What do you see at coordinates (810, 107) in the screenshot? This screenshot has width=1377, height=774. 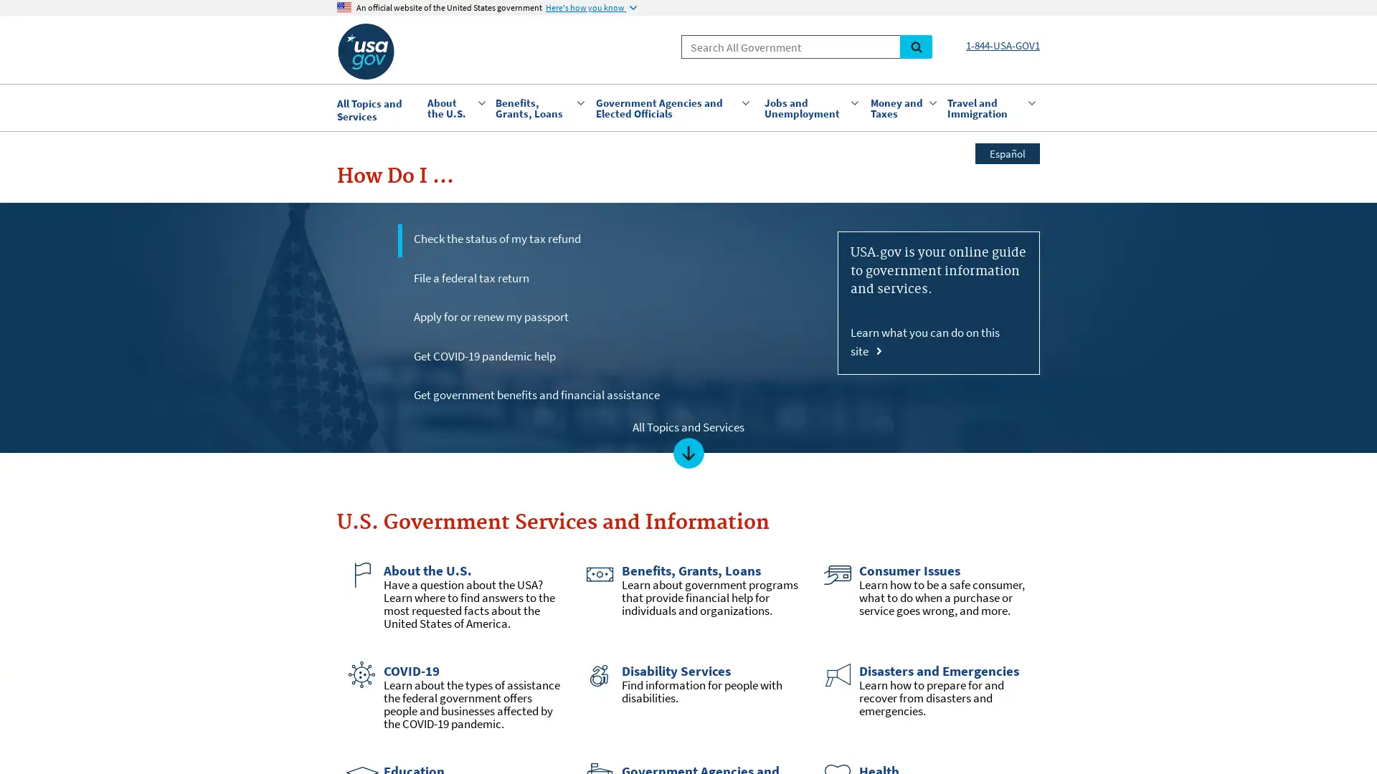 I see `Jobs and Unemployment` at bounding box center [810, 107].